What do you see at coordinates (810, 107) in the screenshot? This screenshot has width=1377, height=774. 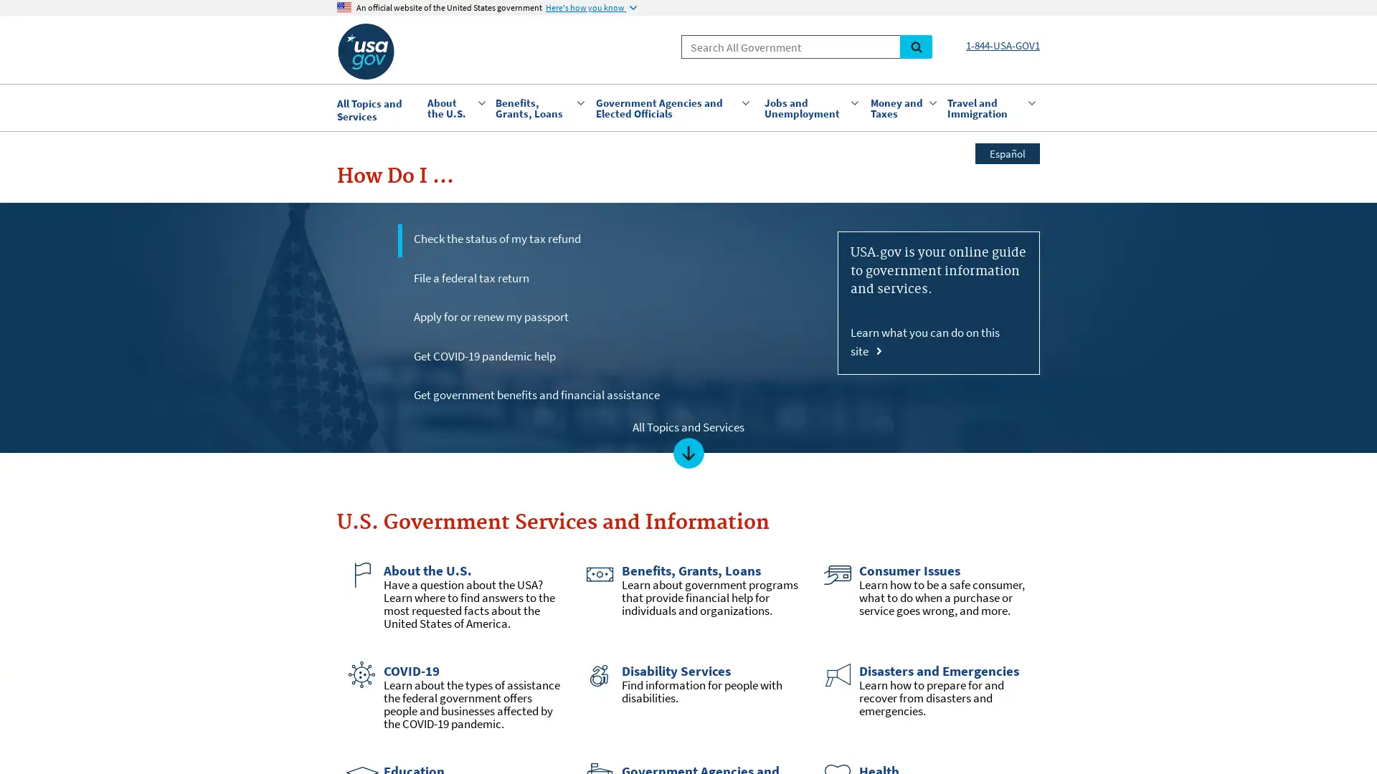 I see `Jobs and Unemployment` at bounding box center [810, 107].